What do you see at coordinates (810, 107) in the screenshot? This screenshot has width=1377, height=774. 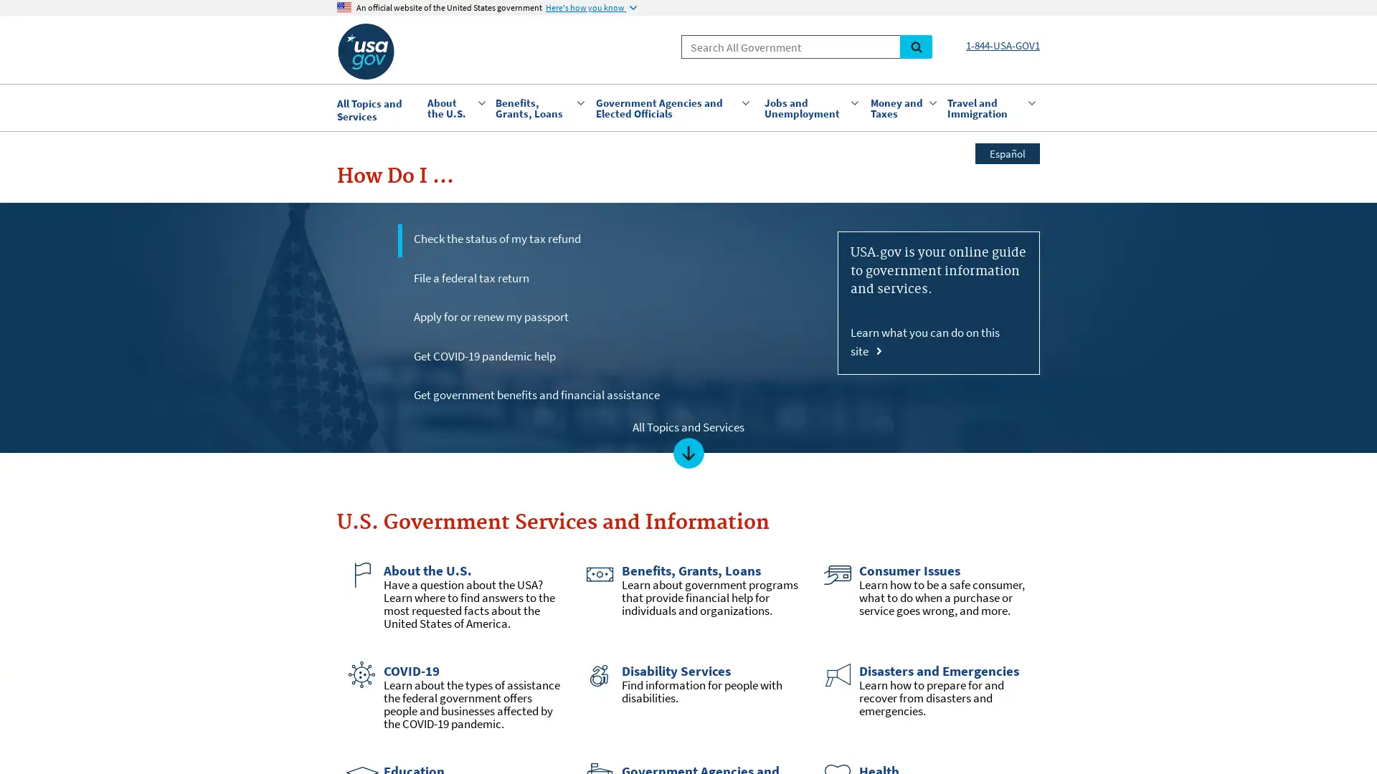 I see `Jobs and Unemployment` at bounding box center [810, 107].